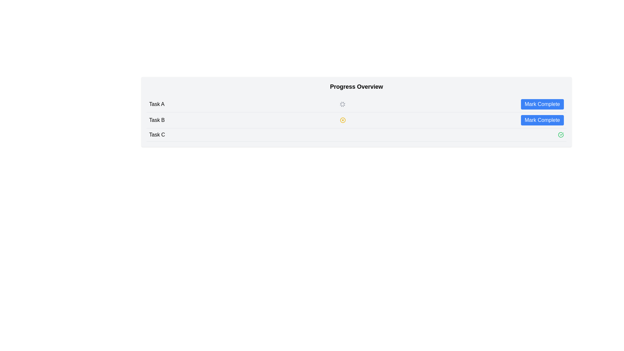  Describe the element at coordinates (561, 135) in the screenshot. I see `the green circular icon with a checkmark indicating completion status, located to the right of the text 'Task C'` at that location.